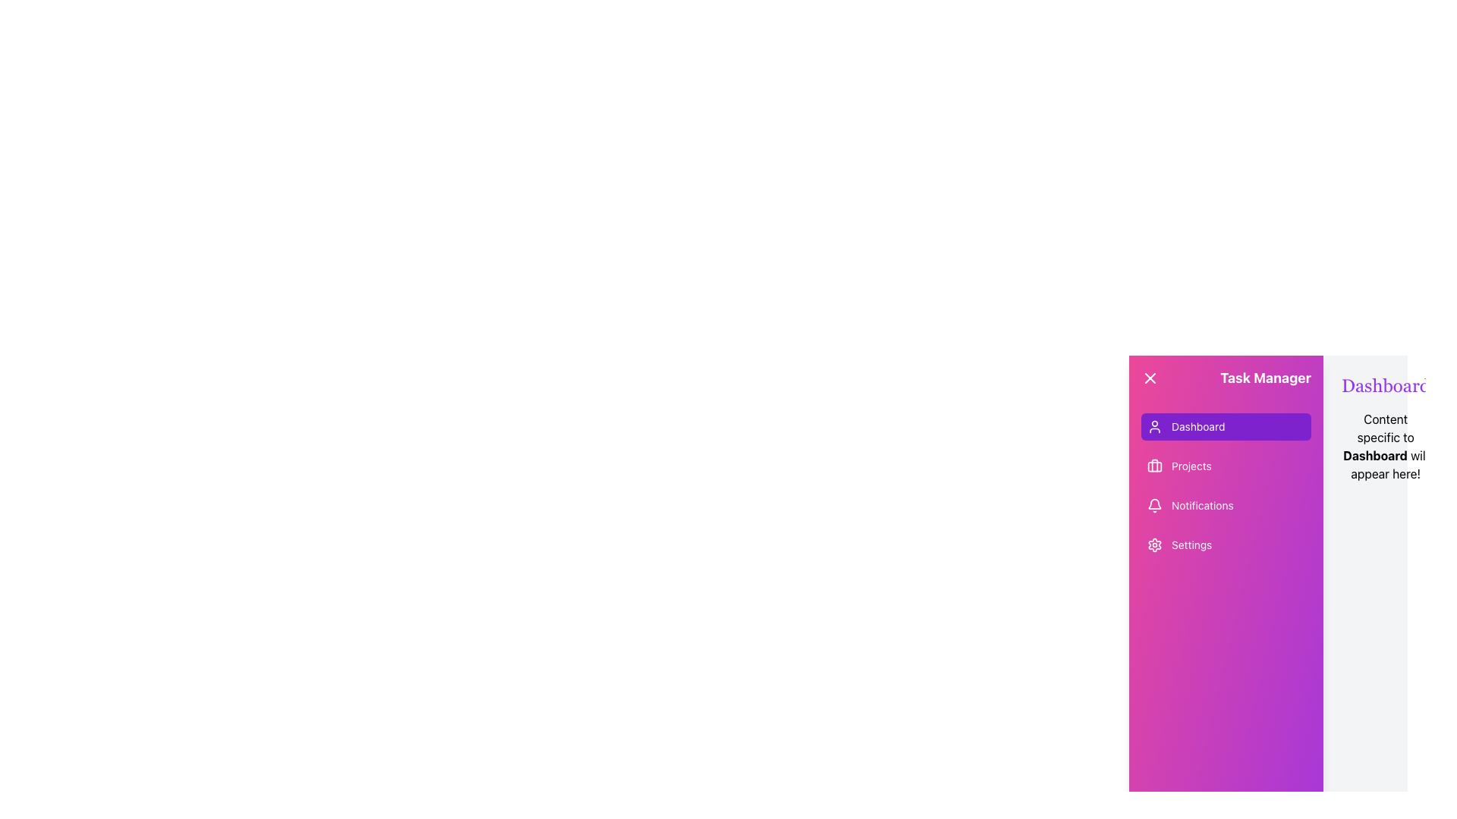 The image size is (1457, 819). I want to click on the text label displaying the message 'Content specific to Dashboard will appear here!' located below the 'Task Manager' heading and to the right of the purple sidebar, so click(1386, 446).